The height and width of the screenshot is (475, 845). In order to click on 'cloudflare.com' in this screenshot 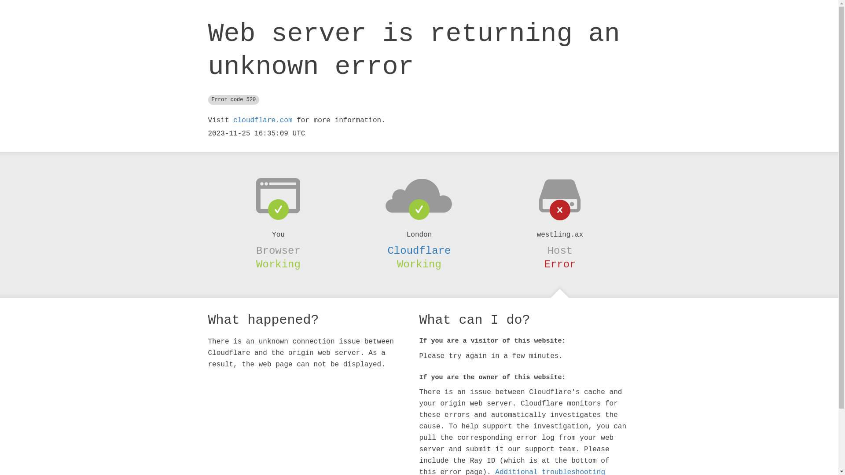, I will do `click(233, 120)`.